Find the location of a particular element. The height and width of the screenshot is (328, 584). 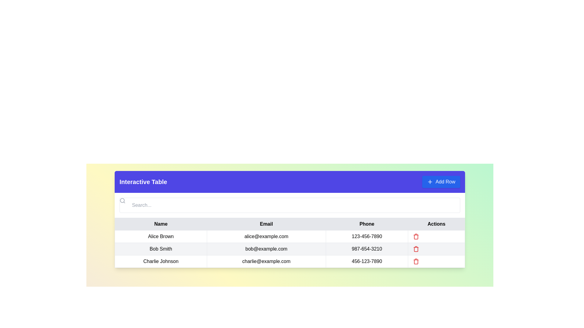

the circular SVG element that represents the magnifying glass icon, located on the left side of the search bar beneath the 'Interactive Table' header is located at coordinates (122, 200).